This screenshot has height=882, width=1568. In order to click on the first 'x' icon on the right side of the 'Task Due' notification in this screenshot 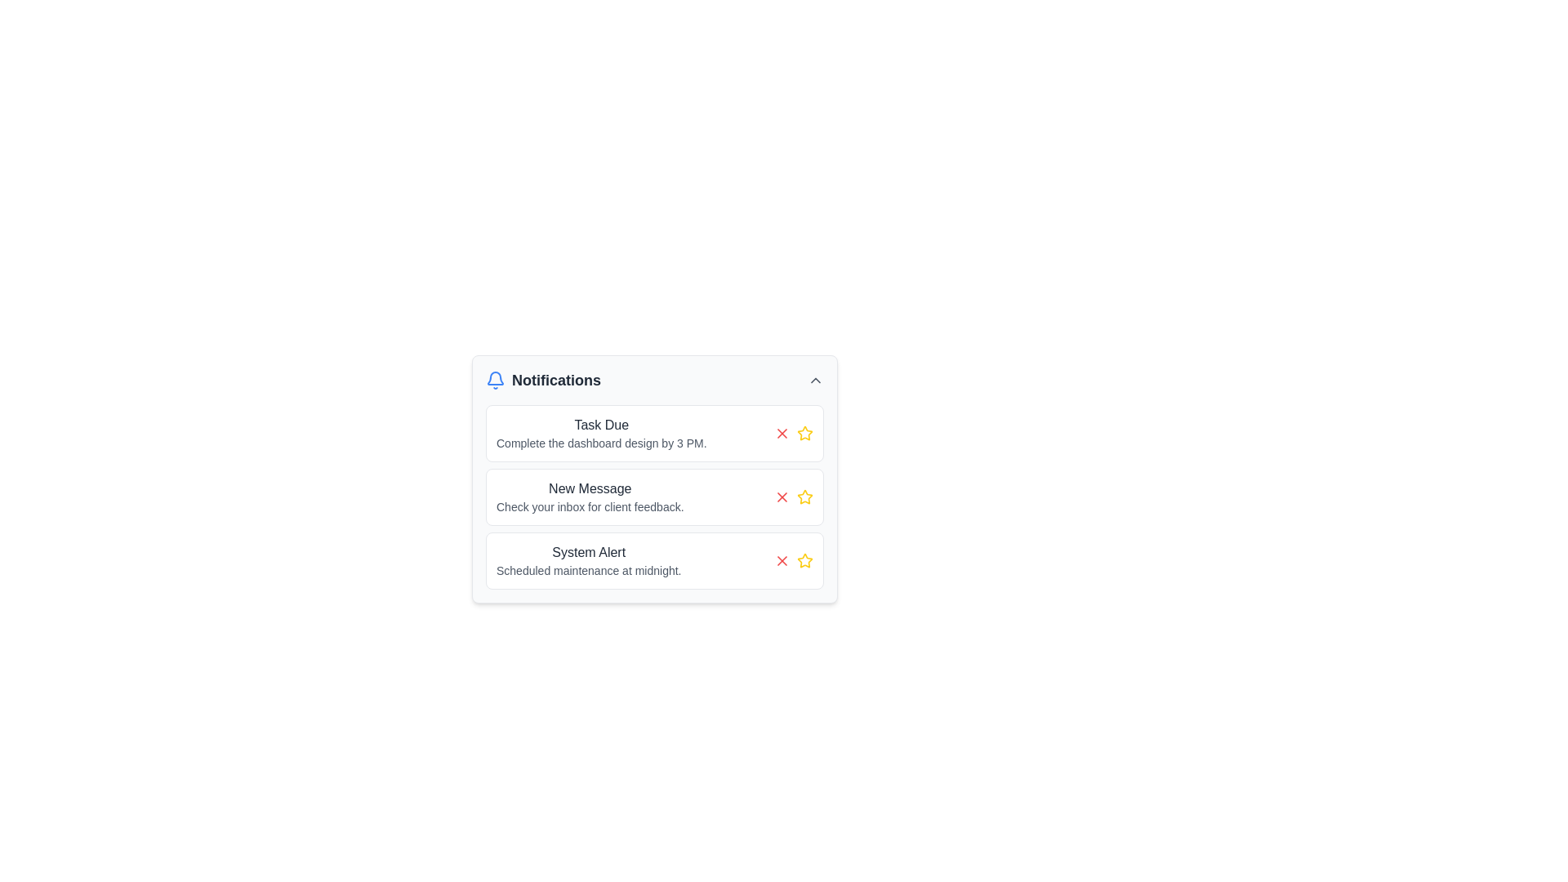, I will do `click(782, 433)`.